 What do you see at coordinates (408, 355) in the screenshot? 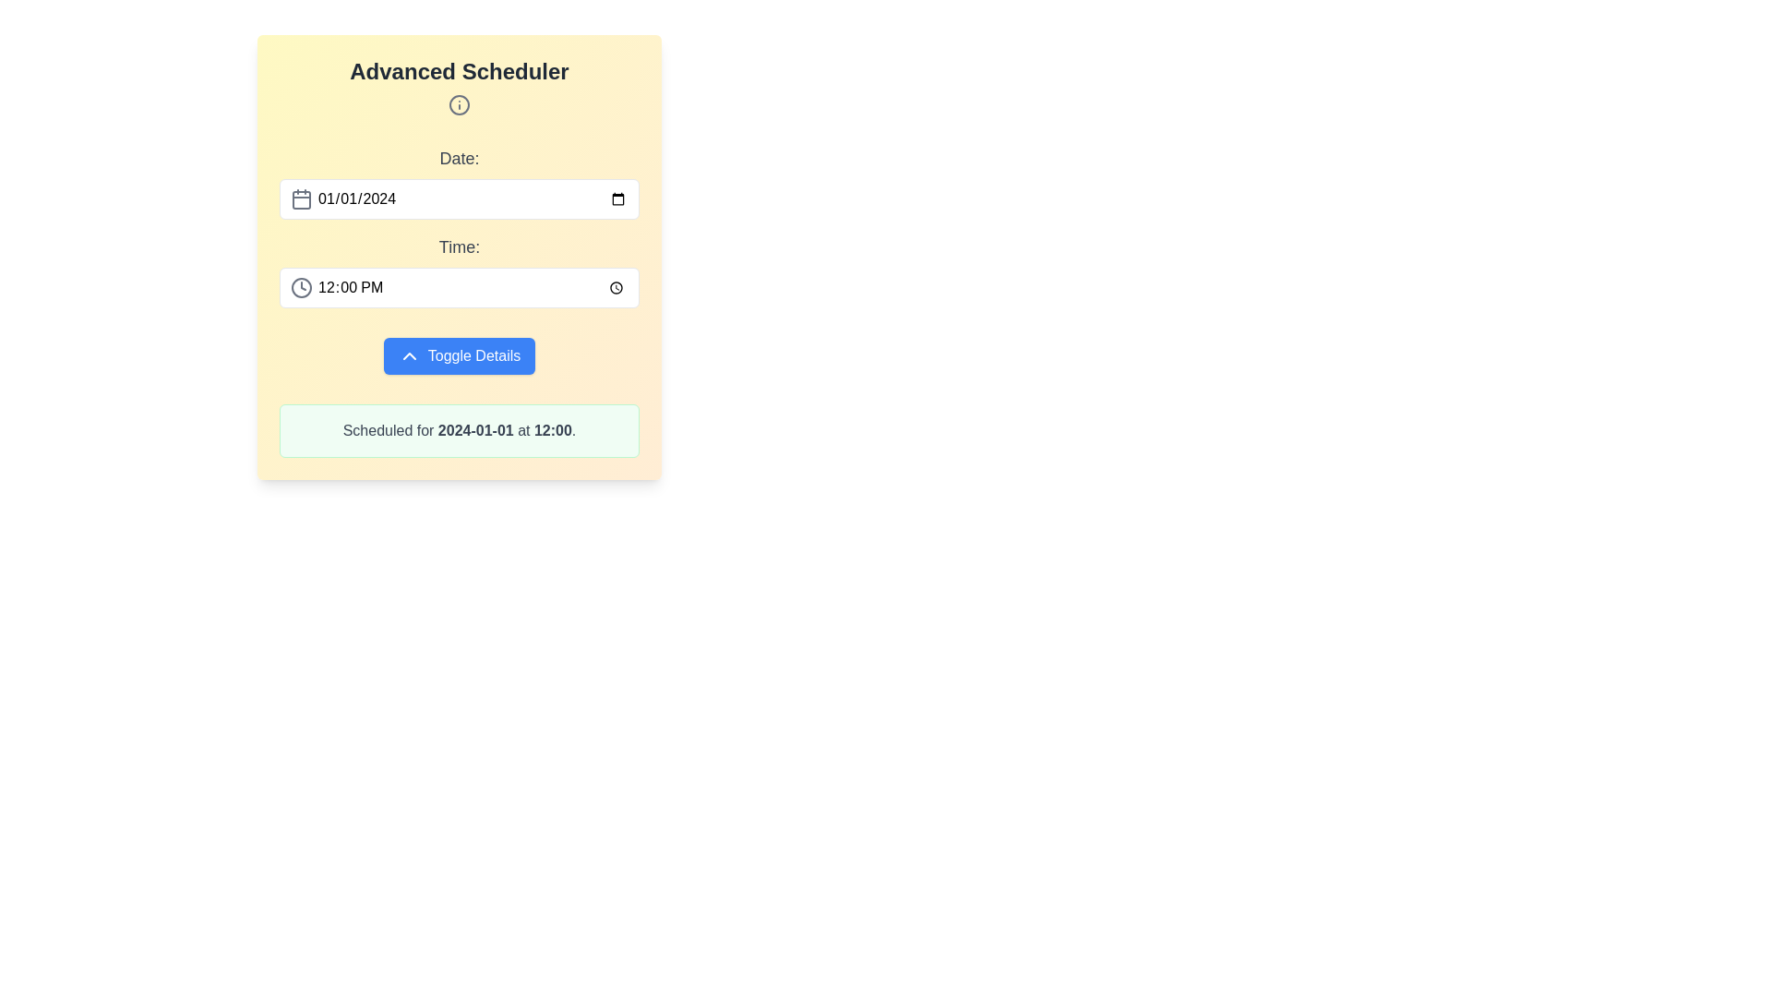
I see `the collapse icon located inside the blue 'Toggle Details' button` at bounding box center [408, 355].